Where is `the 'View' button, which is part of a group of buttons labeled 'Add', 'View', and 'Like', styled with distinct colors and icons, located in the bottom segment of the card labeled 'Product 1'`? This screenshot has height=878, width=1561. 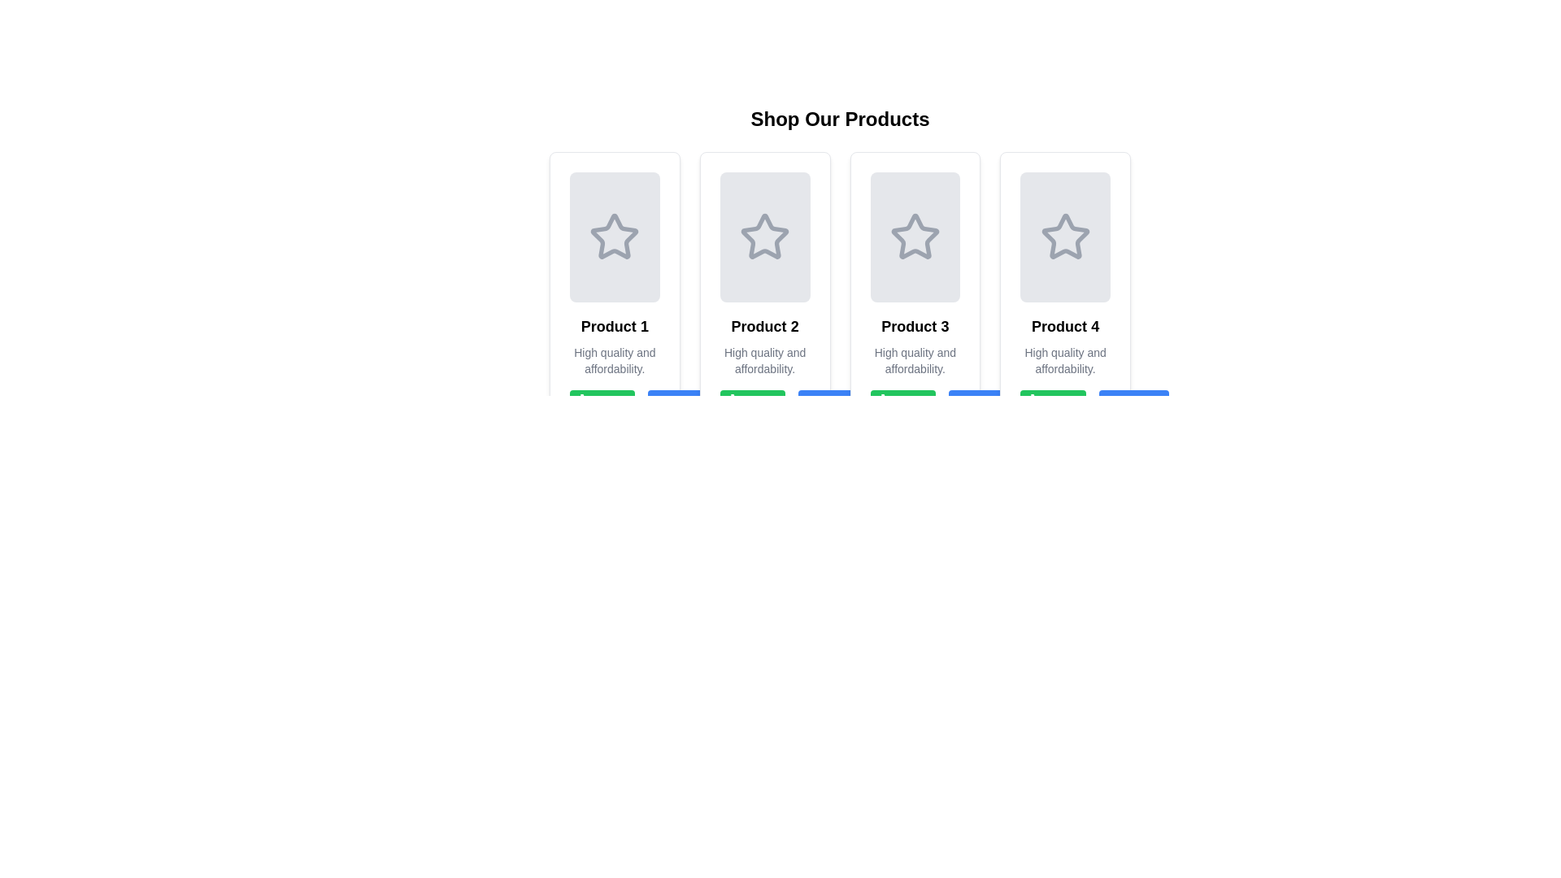
the 'View' button, which is part of a group of buttons labeled 'Add', 'View', and 'Like', styled with distinct colors and icons, located in the bottom segment of the card labeled 'Product 1' is located at coordinates (614, 402).